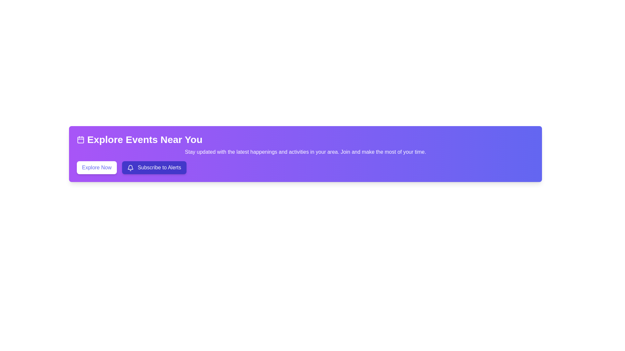 The width and height of the screenshot is (625, 351). Describe the element at coordinates (154, 167) in the screenshot. I see `the subscription button located to the right of the 'Explore Now' button to subscribe to alerts` at that location.